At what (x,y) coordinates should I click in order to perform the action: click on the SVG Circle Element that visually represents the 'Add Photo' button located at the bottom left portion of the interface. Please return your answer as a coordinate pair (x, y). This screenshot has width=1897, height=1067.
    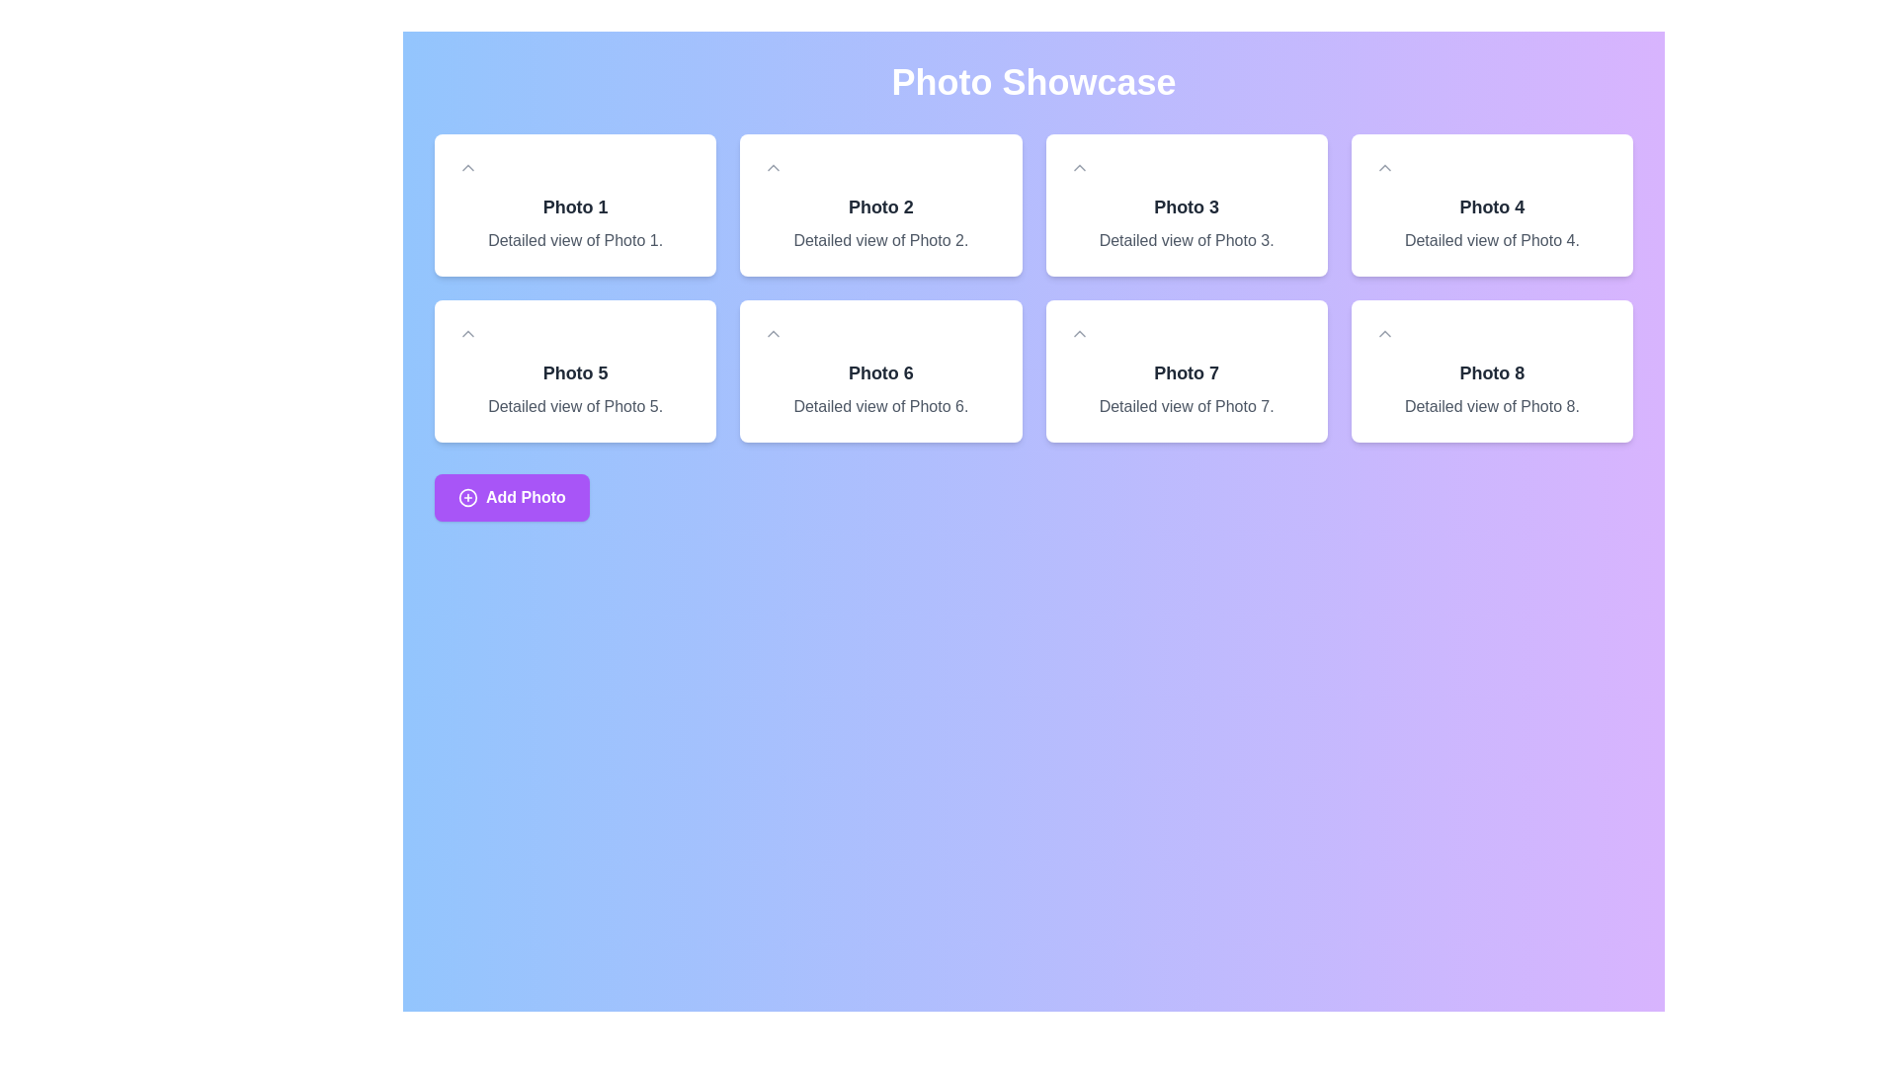
    Looking at the image, I should click on (467, 495).